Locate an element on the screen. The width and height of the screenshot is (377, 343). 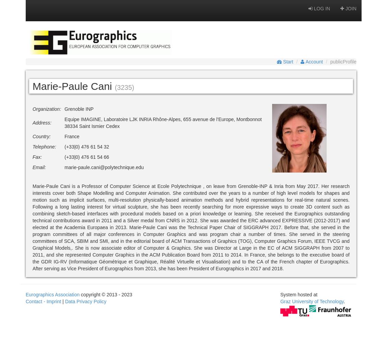
'Account' is located at coordinates (304, 62).